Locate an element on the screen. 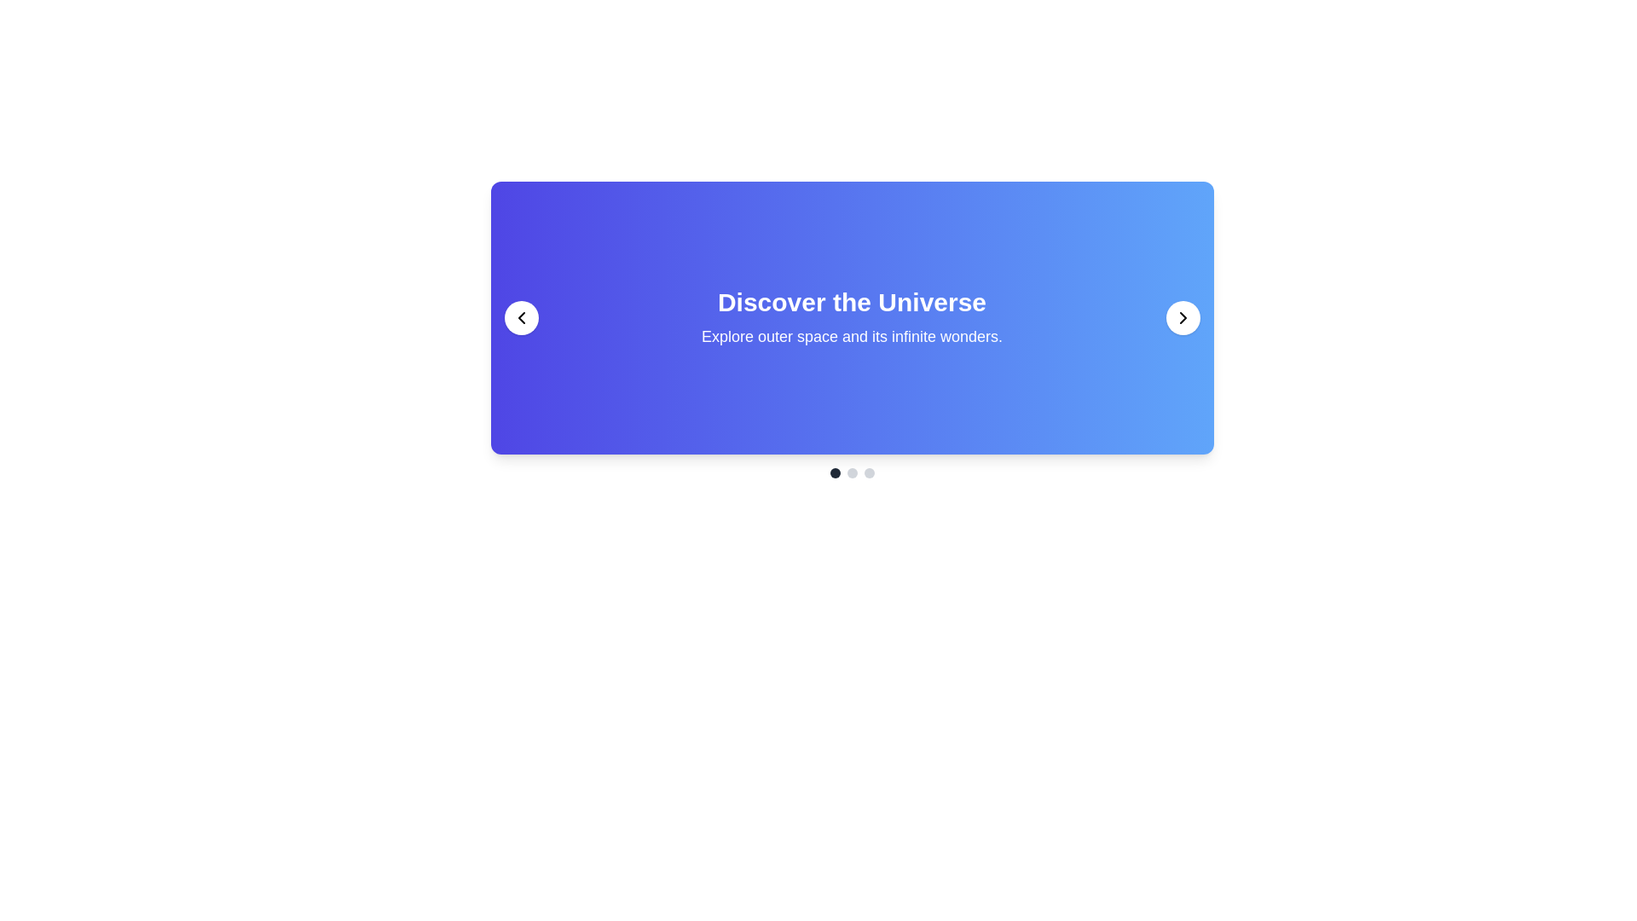  the navigational arrow icon centered within the circular white button on the right side of the blue gradient card is located at coordinates (1182, 318).